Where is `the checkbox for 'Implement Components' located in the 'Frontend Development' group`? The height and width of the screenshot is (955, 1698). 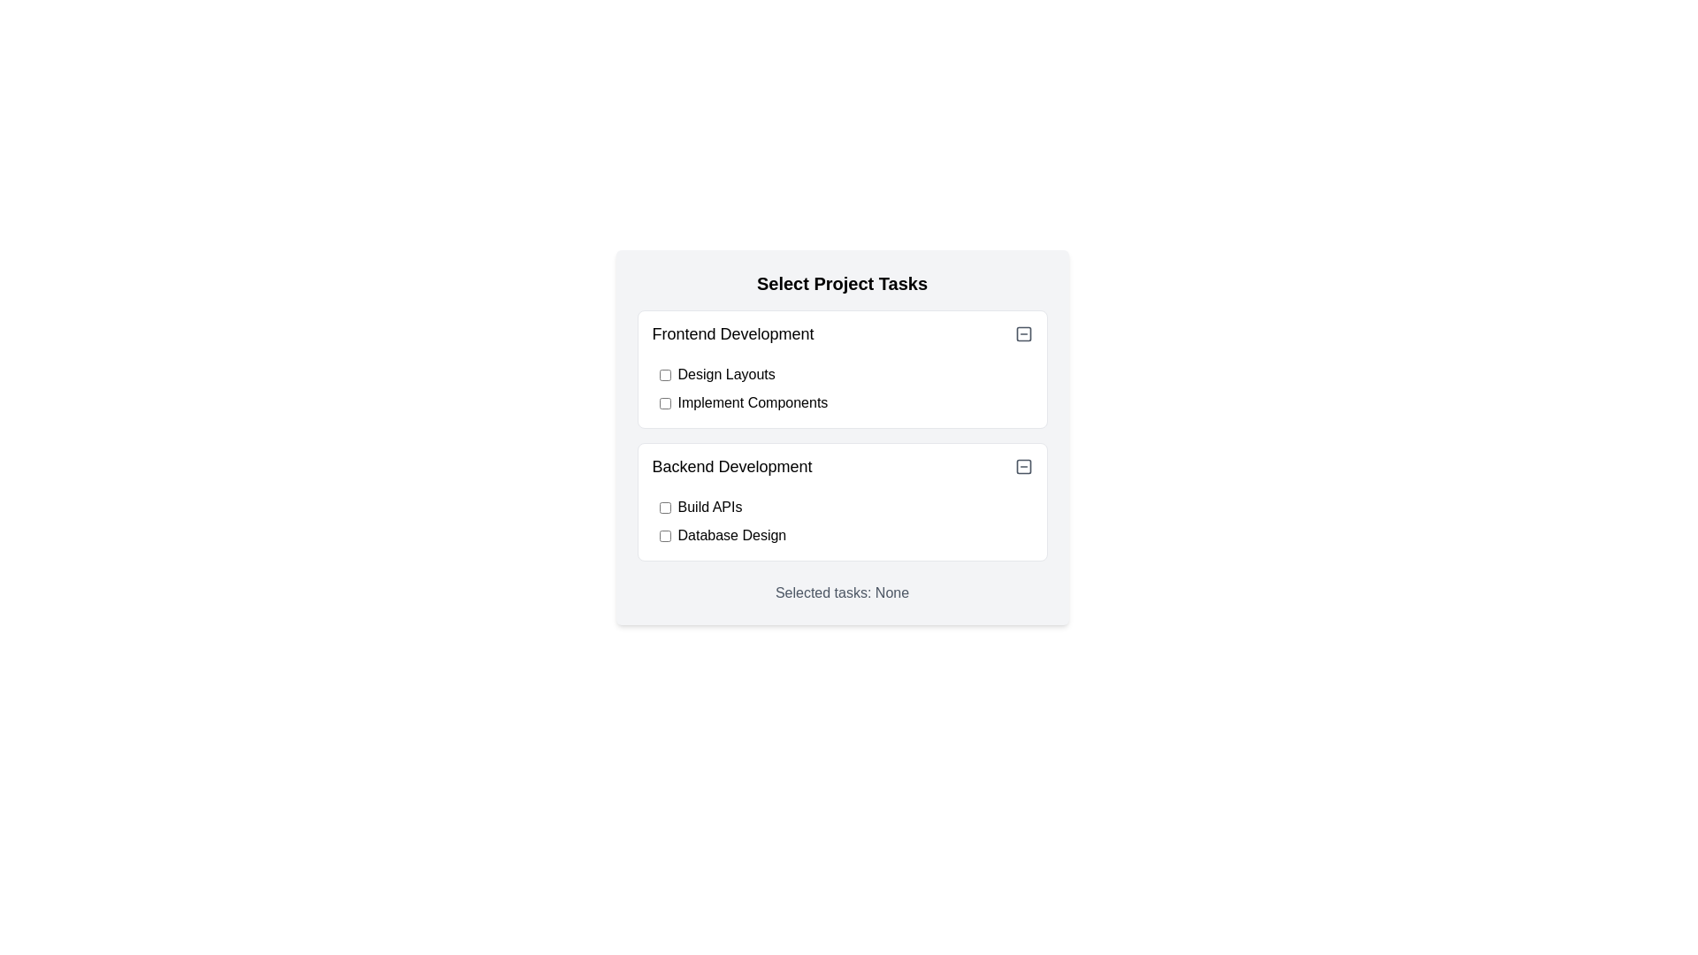 the checkbox for 'Implement Components' located in the 'Frontend Development' group is located at coordinates (664, 402).